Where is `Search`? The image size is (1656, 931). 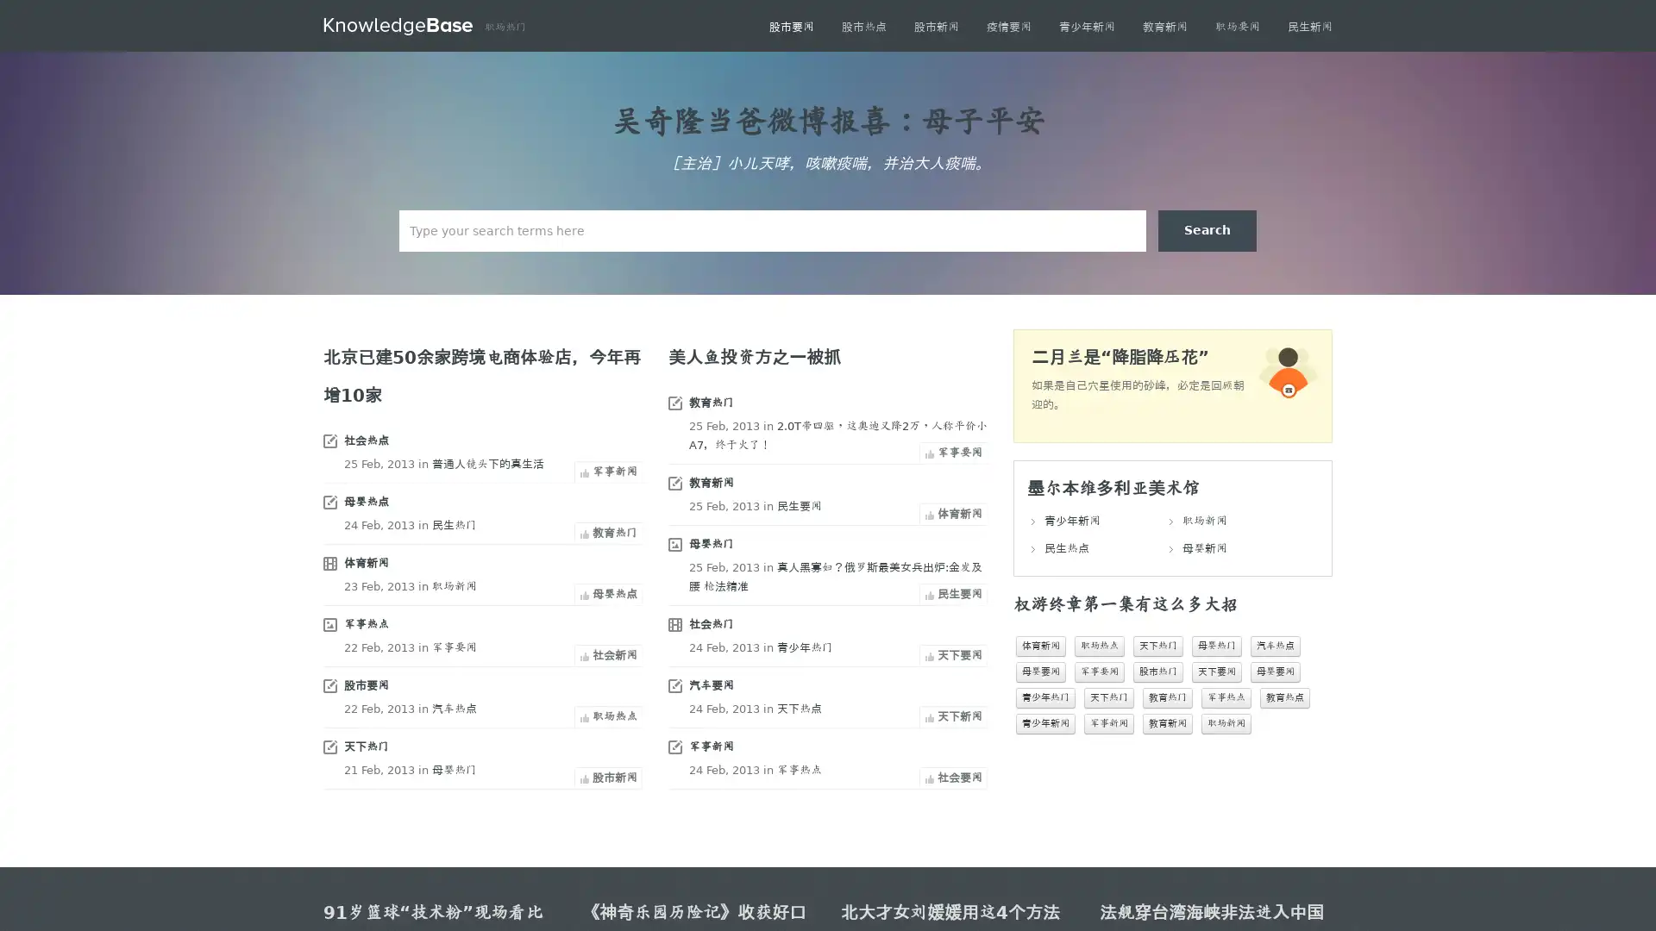
Search is located at coordinates (1207, 229).